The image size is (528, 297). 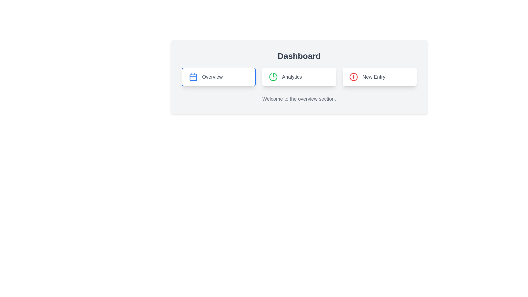 What do you see at coordinates (299, 77) in the screenshot?
I see `the Analytics button, which is the second button in a row of three on the dashboard, positioned between 'Overview' and 'New Entry'` at bounding box center [299, 77].